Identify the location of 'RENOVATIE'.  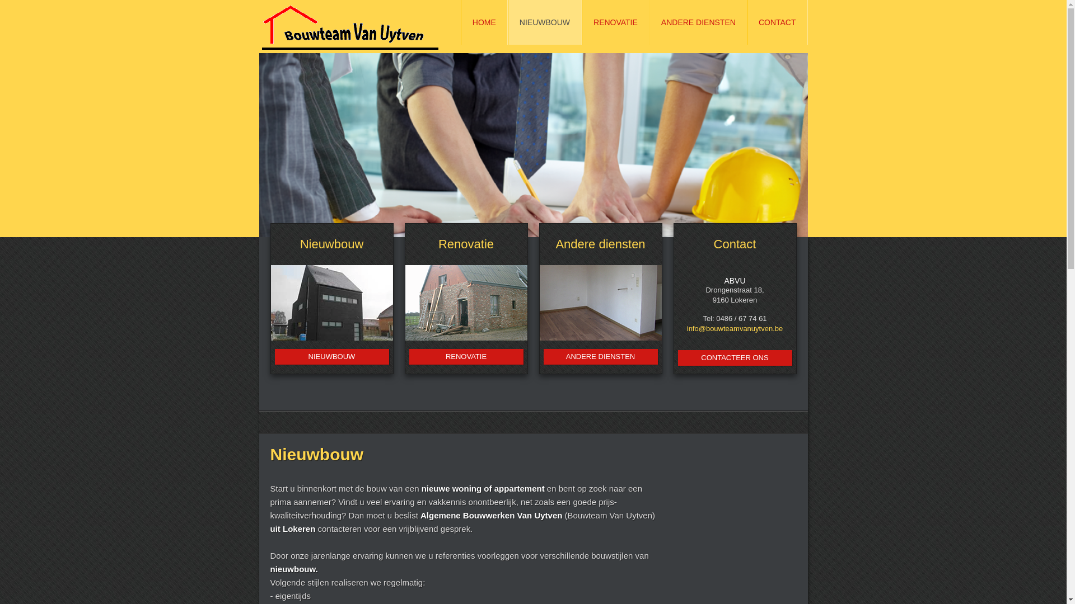
(465, 356).